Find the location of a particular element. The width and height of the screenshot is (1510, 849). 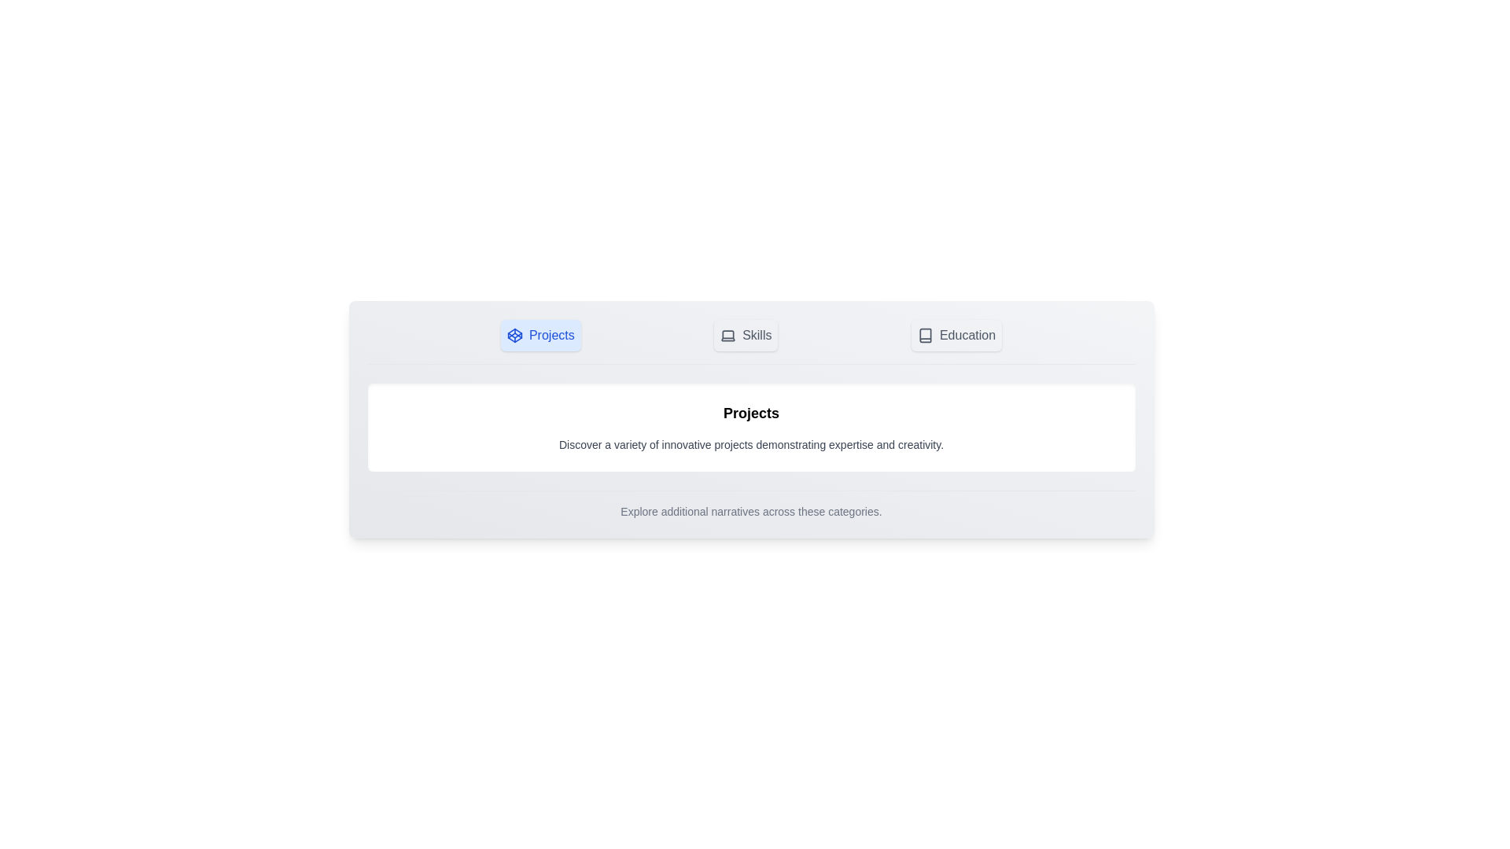

the 'Projects' button, which has a blue background, white text, and a cube icon on its left, located at the specified coordinates is located at coordinates (540, 335).